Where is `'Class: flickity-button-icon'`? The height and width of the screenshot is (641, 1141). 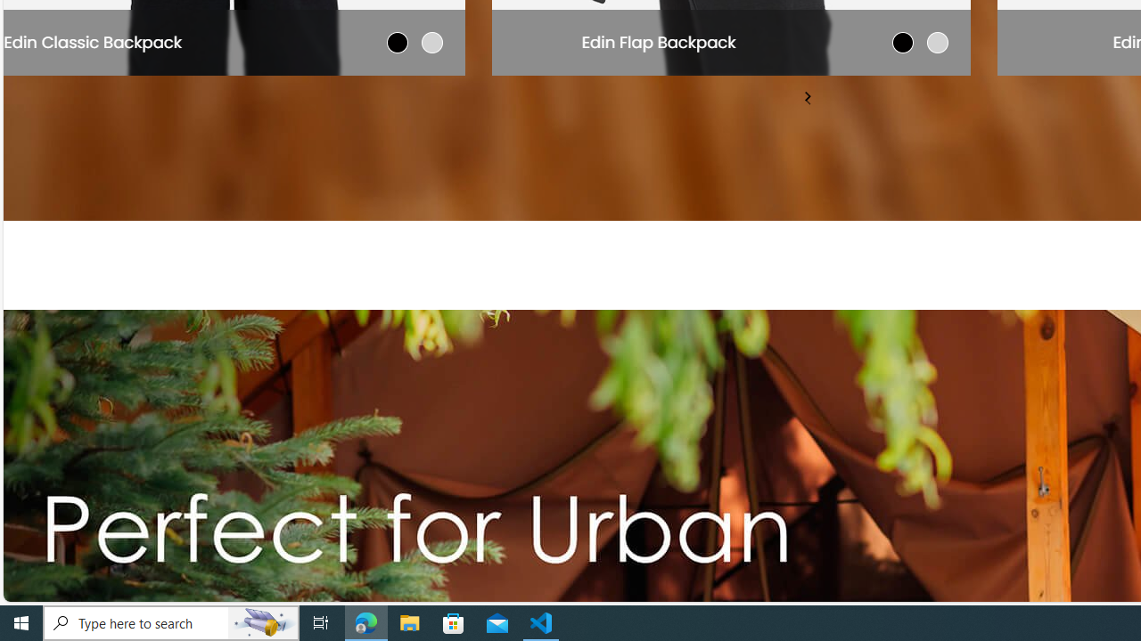
'Class: flickity-button-icon' is located at coordinates (806, 96).